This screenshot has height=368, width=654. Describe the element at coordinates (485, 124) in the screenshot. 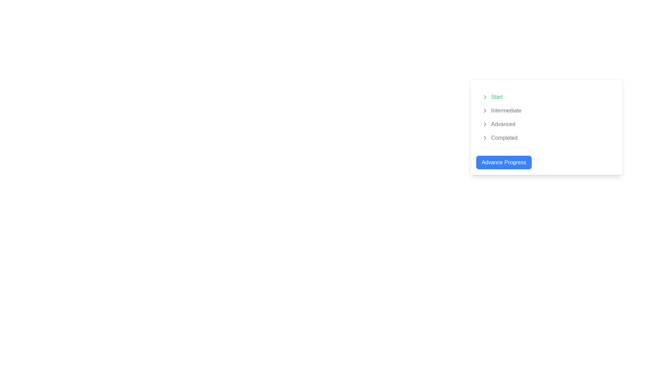

I see `the icon positioned to the left of the 'Advanced' text item in the vertically stacked list, which also aligns with the icons for 'Start', 'Intermediate', and 'Completed'` at that location.